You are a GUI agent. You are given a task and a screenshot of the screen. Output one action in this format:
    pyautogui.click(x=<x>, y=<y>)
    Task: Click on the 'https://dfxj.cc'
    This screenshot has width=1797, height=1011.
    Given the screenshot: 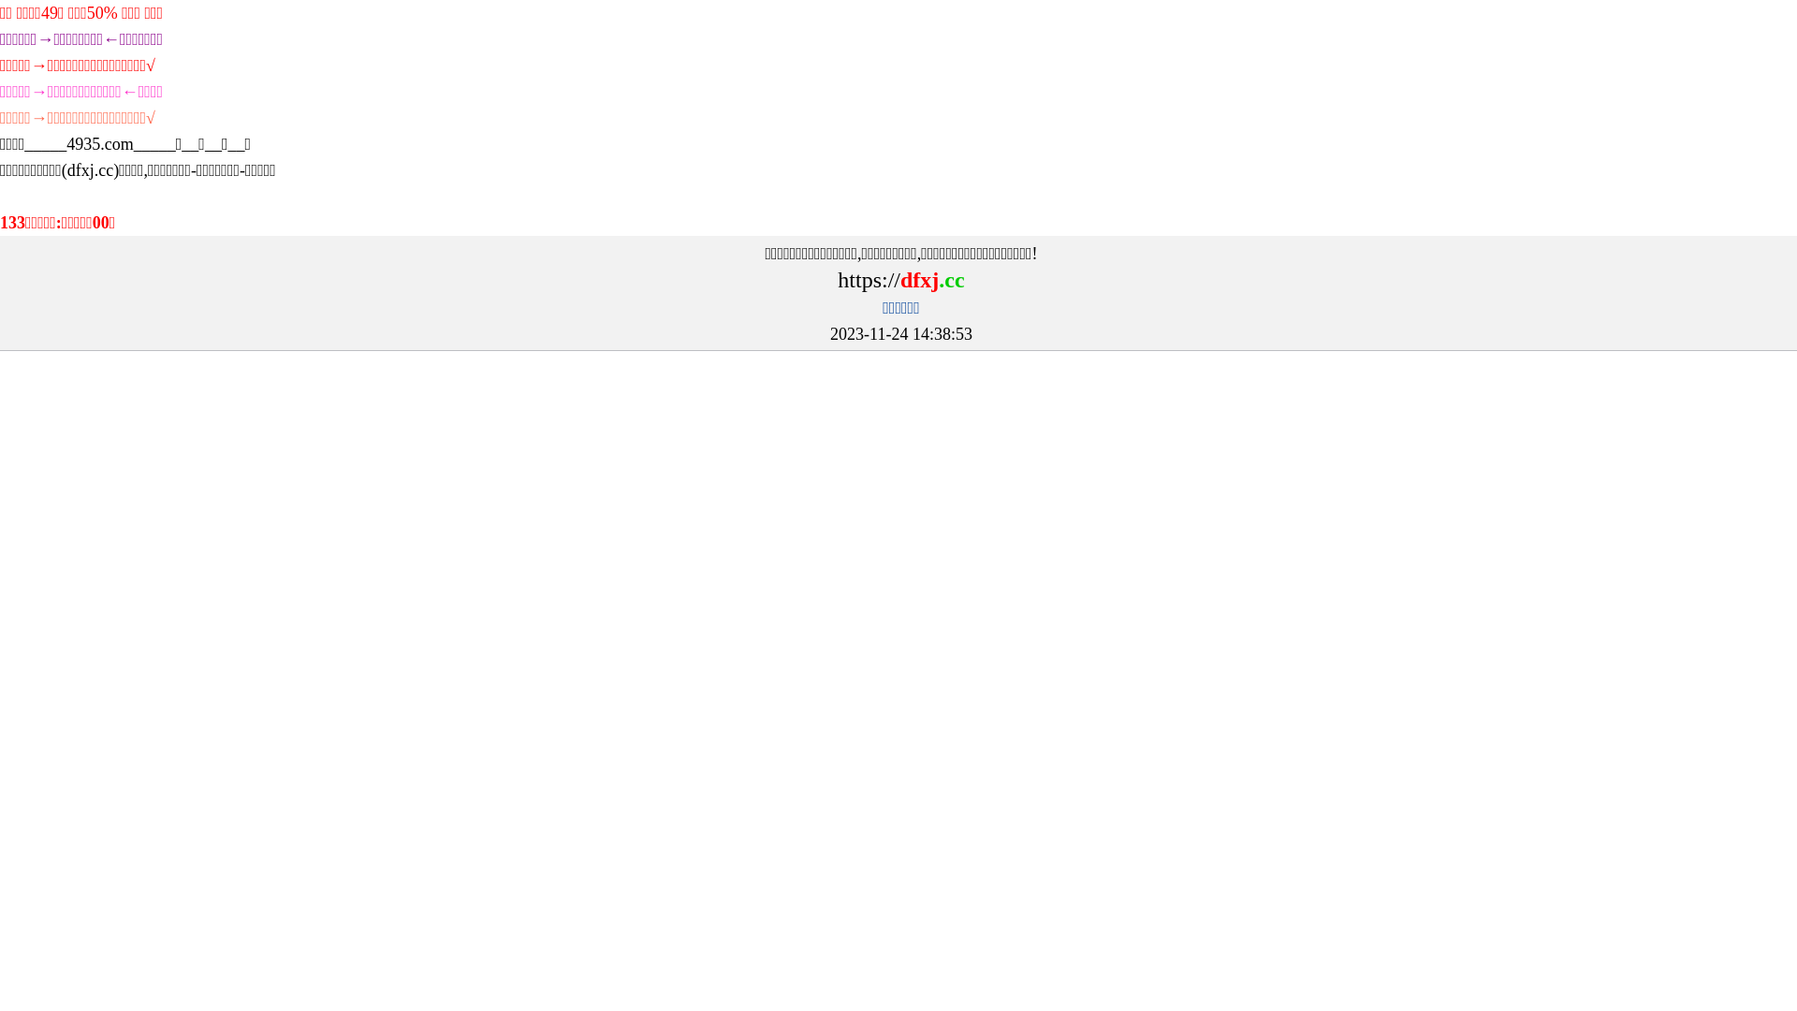 What is the action you would take?
    pyautogui.click(x=836, y=281)
    